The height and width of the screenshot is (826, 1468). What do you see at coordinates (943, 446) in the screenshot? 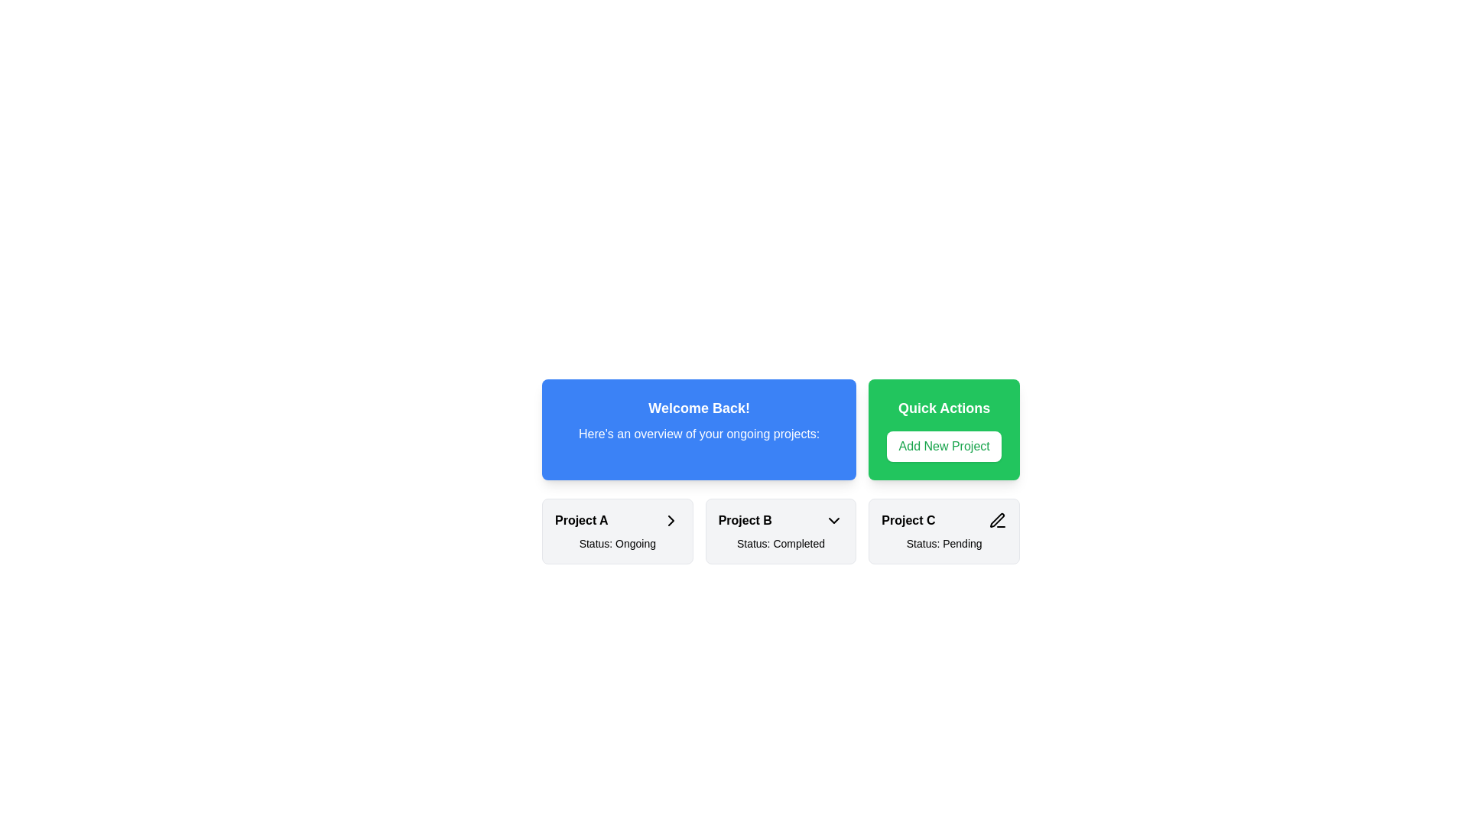
I see `the button located in the lower section of the green-colored card titled 'Quick Actions' to trigger hover effects` at bounding box center [943, 446].